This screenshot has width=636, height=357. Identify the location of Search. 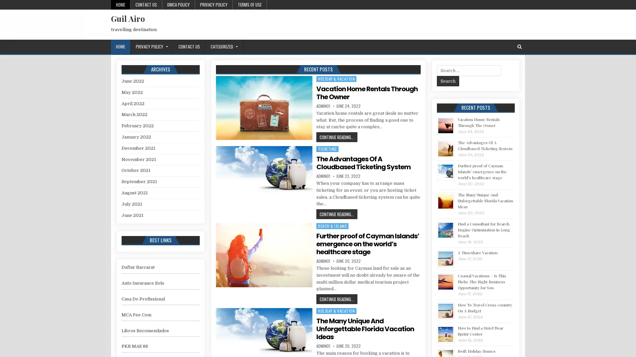
(448, 81).